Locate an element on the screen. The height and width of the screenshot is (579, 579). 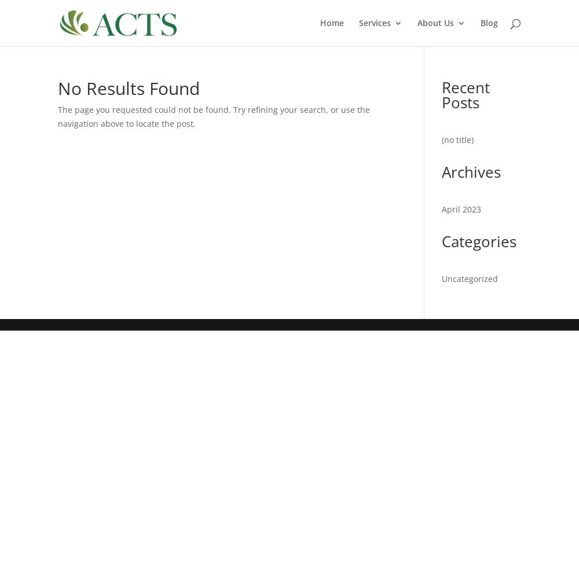
'Approved Providers' is located at coordinates (479, 94).